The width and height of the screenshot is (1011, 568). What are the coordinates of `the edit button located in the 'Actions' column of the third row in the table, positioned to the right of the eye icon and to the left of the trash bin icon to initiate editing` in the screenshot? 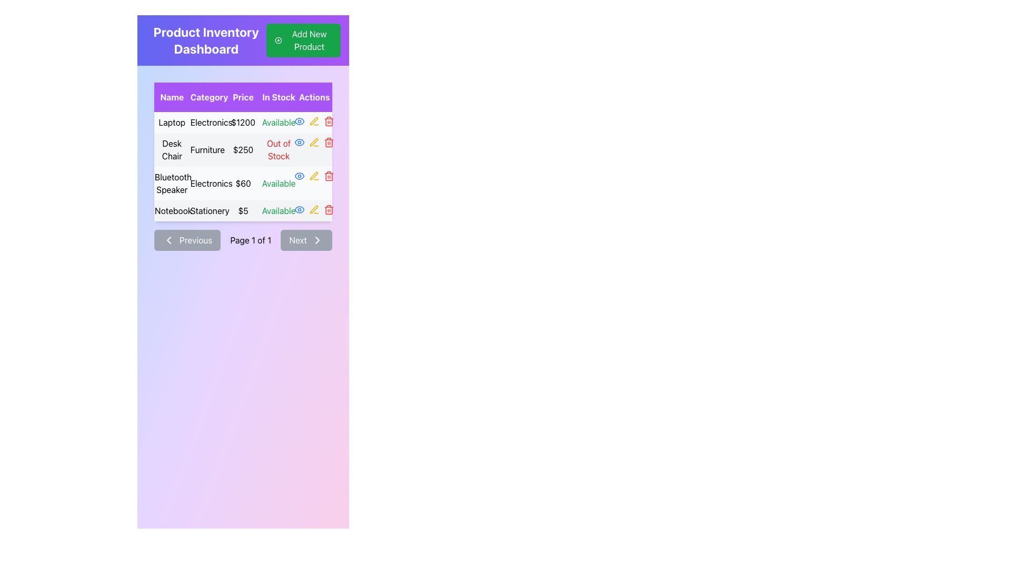 It's located at (314, 142).